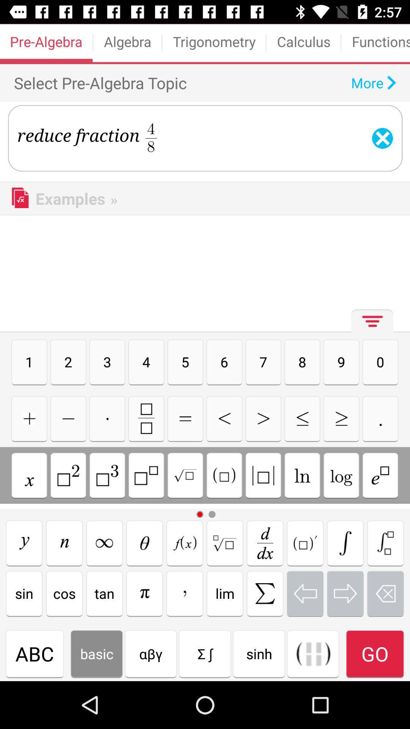 The width and height of the screenshot is (410, 729). I want to click on menu, so click(370, 324).